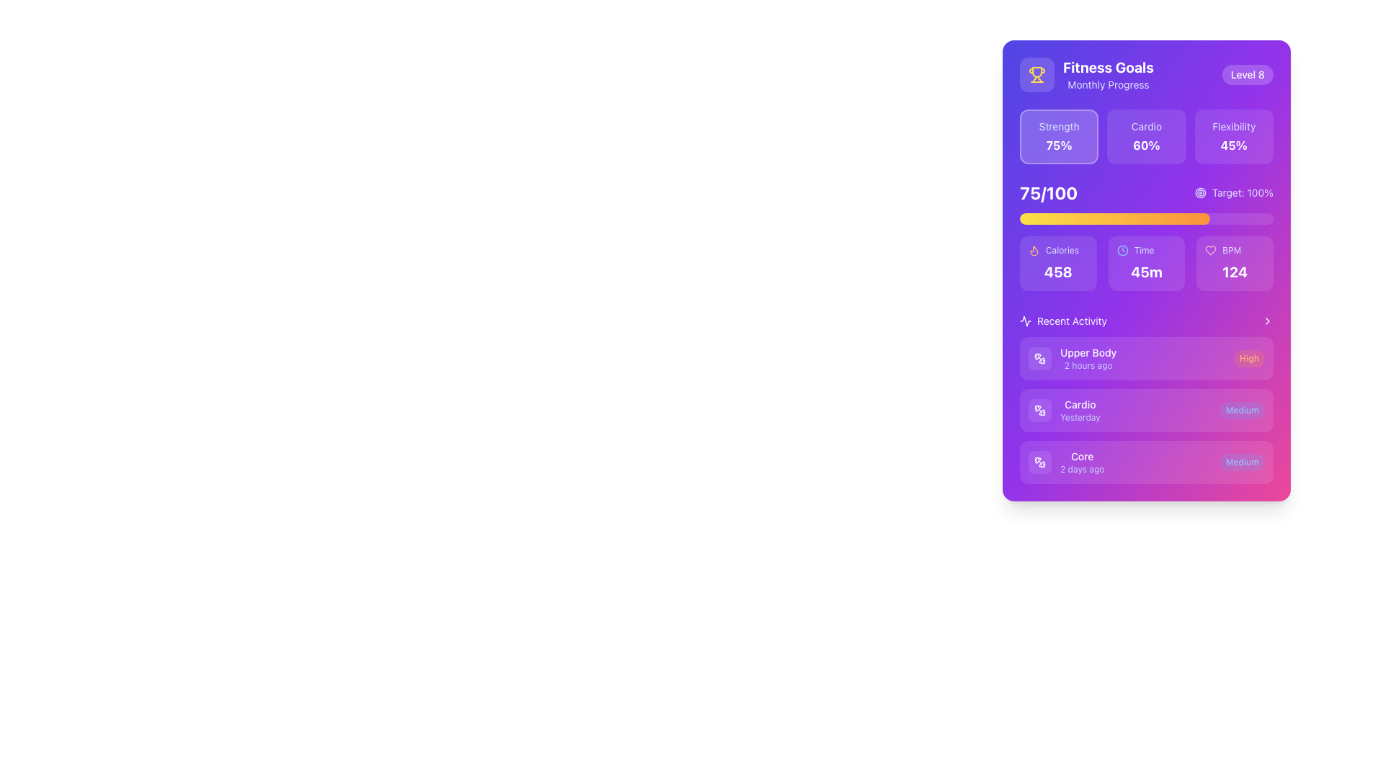 Image resolution: width=1383 pixels, height=778 pixels. What do you see at coordinates (1082, 456) in the screenshot?
I see `the static text label displaying 'Core' in white color, located in the first position of the fourth item under the 'Recent Activity' section` at bounding box center [1082, 456].